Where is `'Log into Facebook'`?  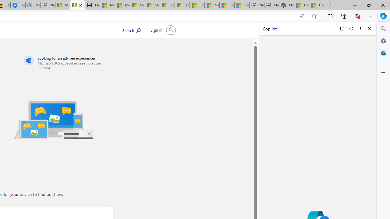
'Log into Facebook' is located at coordinates (18, 5).